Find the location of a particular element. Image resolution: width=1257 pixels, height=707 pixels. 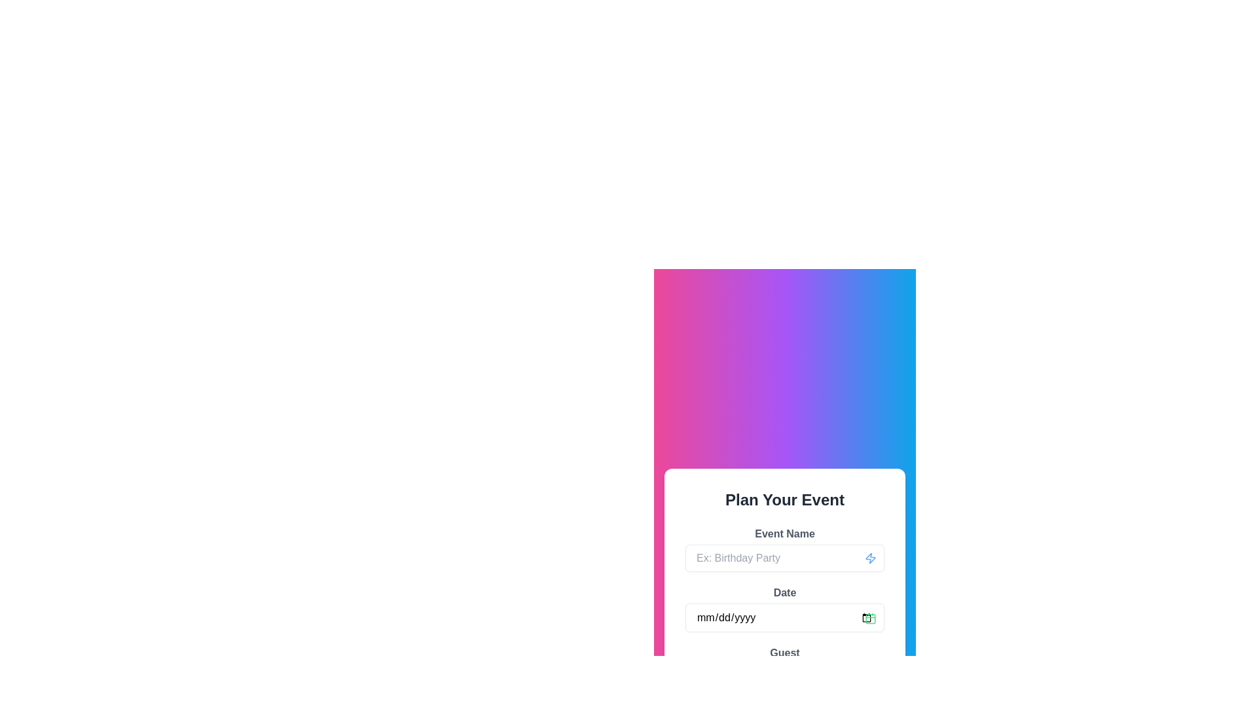

the accessory icon located in the bottom-right corner of the date input box is located at coordinates (870, 618).